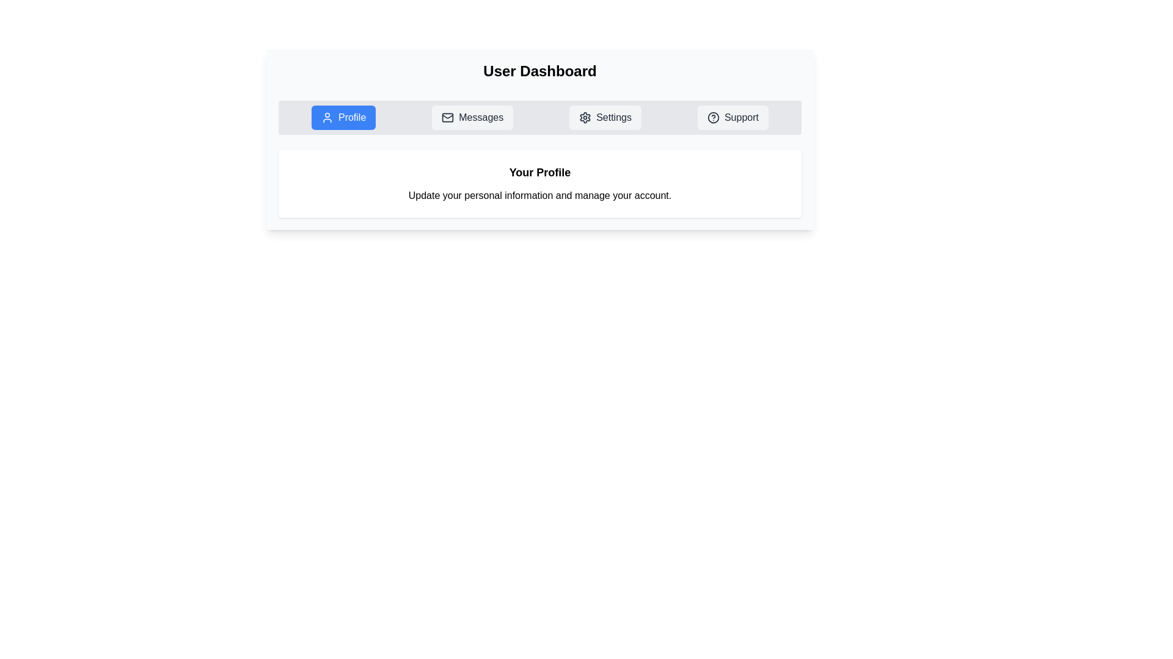  I want to click on the circular outline icon located within the 'Support' button in the navigation bar, so click(713, 117).